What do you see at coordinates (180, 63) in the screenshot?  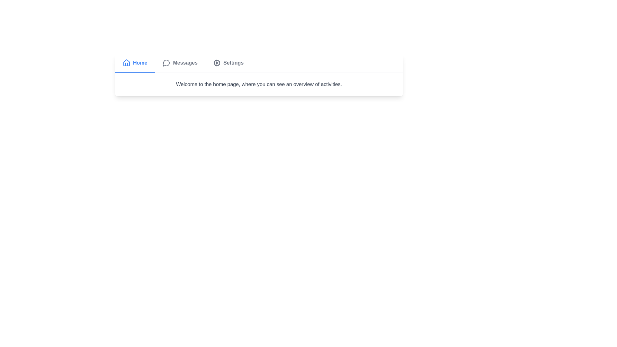 I see `the Messages tab by clicking on its label` at bounding box center [180, 63].